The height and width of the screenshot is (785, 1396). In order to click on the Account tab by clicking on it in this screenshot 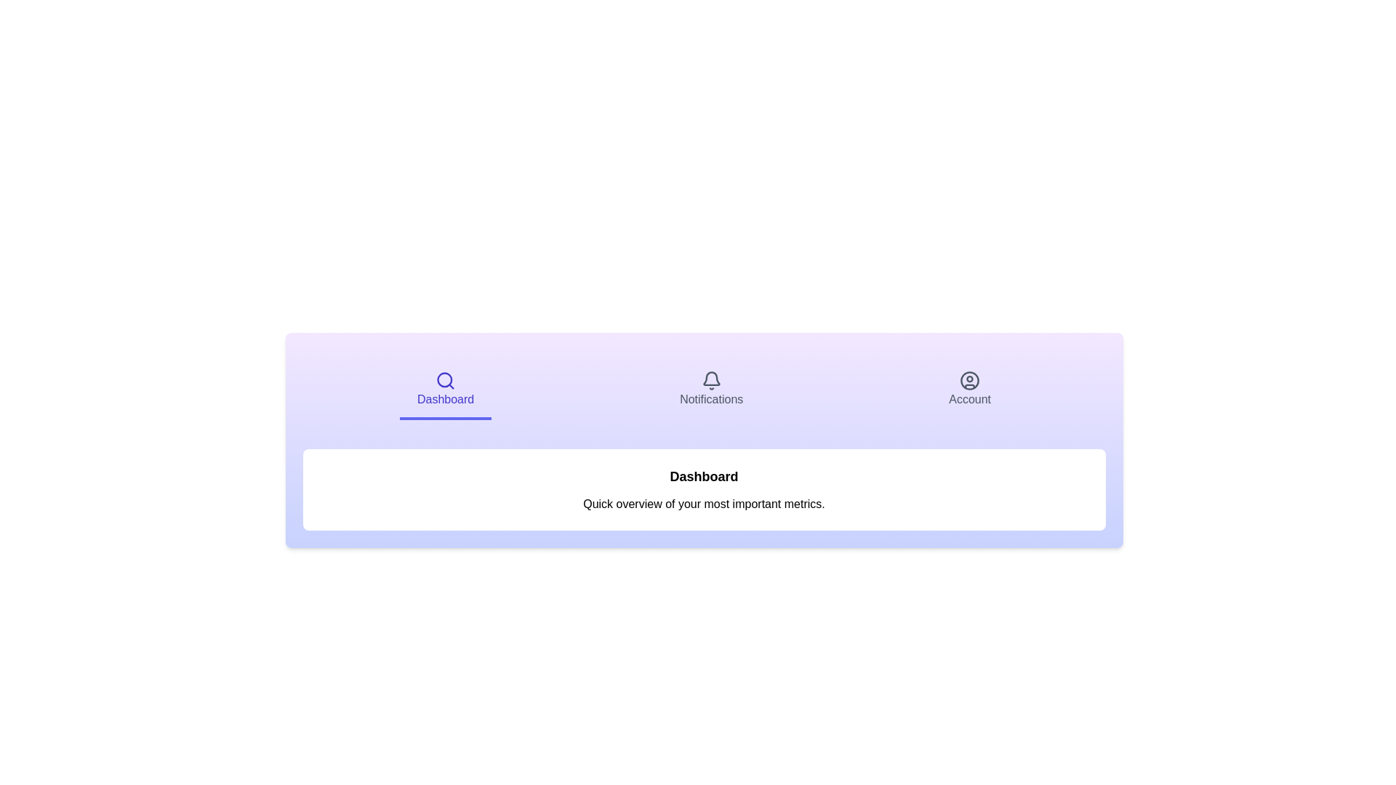, I will do `click(970, 390)`.